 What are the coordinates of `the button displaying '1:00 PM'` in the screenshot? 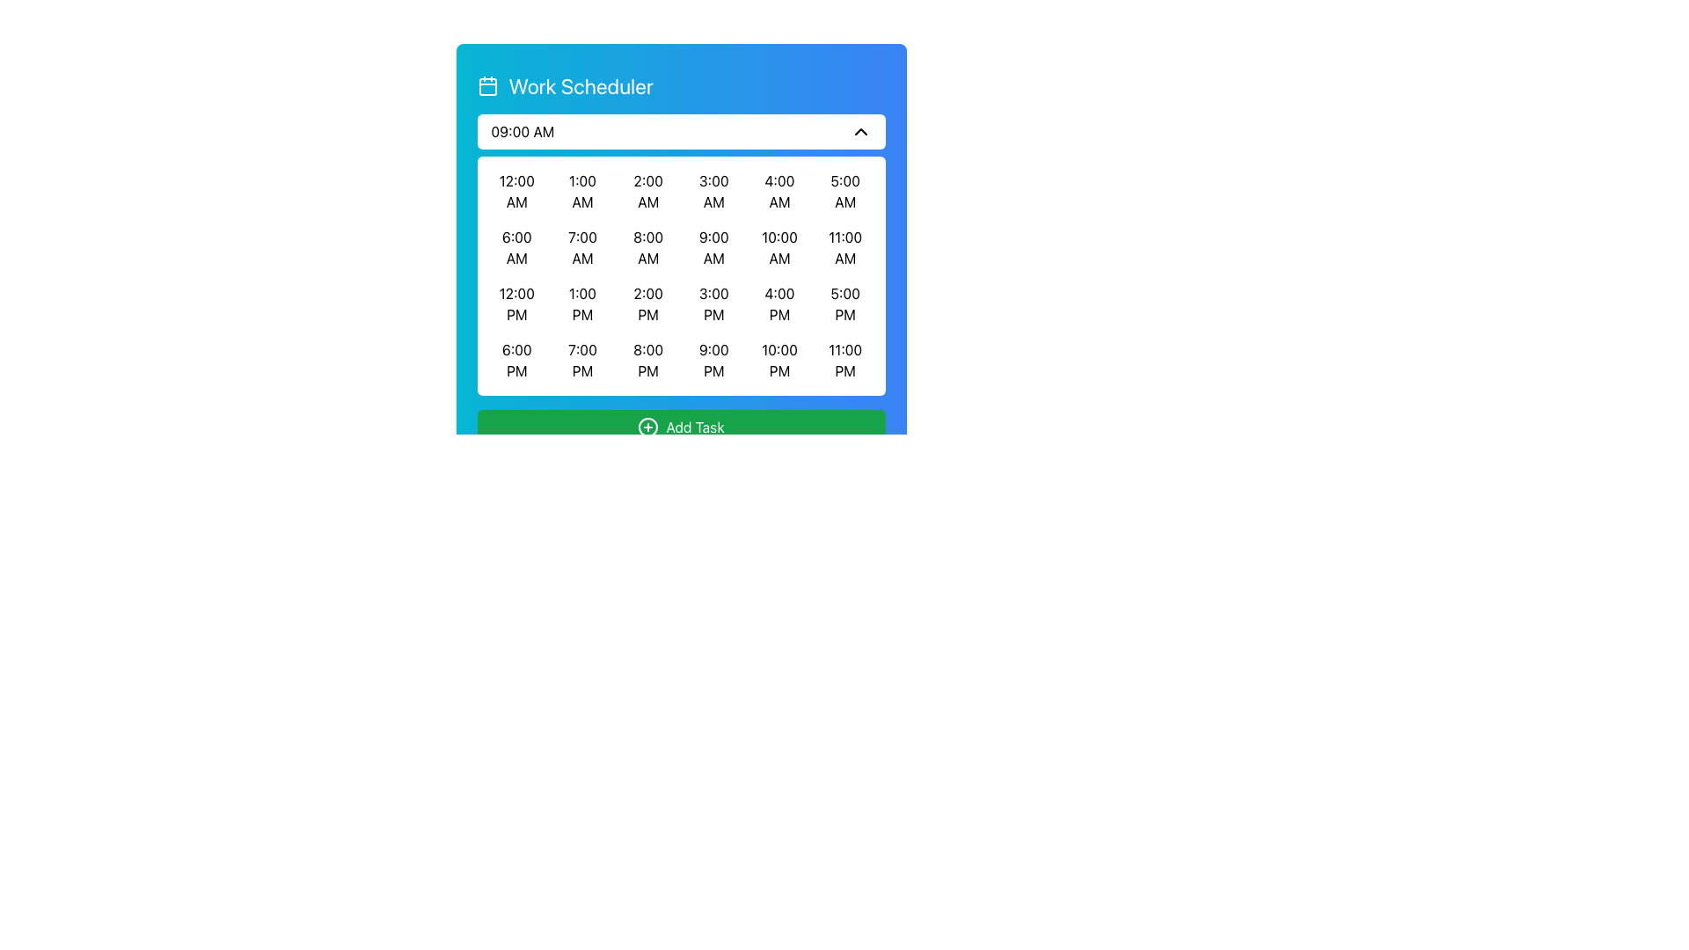 It's located at (582, 303).